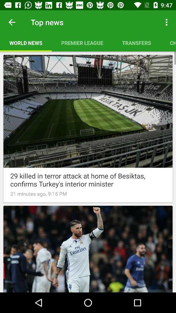 This screenshot has height=313, width=176. I want to click on champions league, so click(168, 42).